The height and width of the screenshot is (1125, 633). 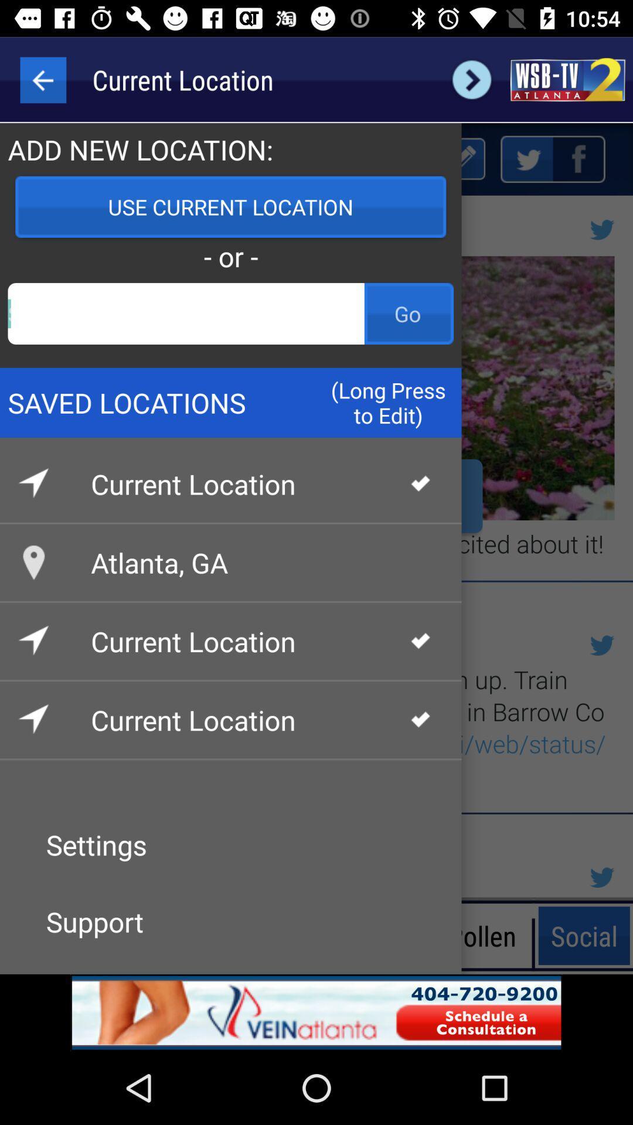 What do you see at coordinates (471, 79) in the screenshot?
I see `the arrow_forward icon` at bounding box center [471, 79].